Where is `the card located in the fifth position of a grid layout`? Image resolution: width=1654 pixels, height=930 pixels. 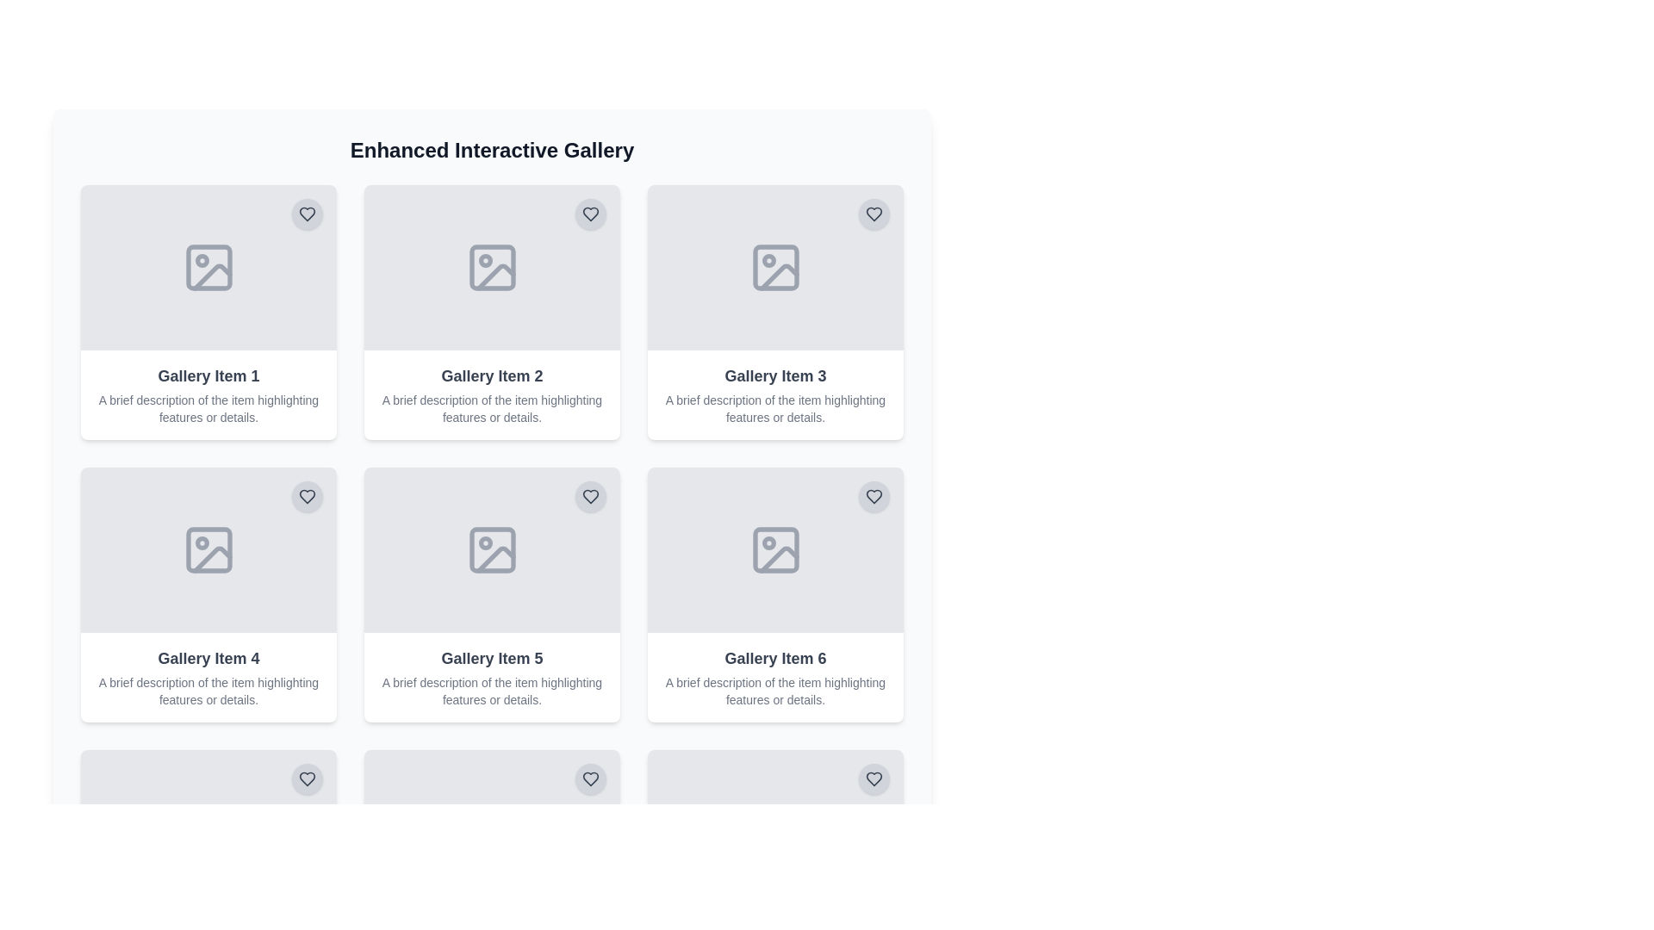 the card located in the fifth position of a grid layout is located at coordinates (491, 593).